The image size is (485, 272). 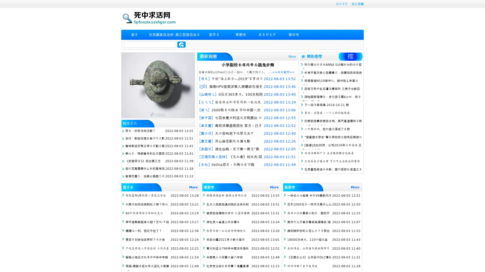 What do you see at coordinates (181, 44) in the screenshot?
I see `Search` at bounding box center [181, 44].